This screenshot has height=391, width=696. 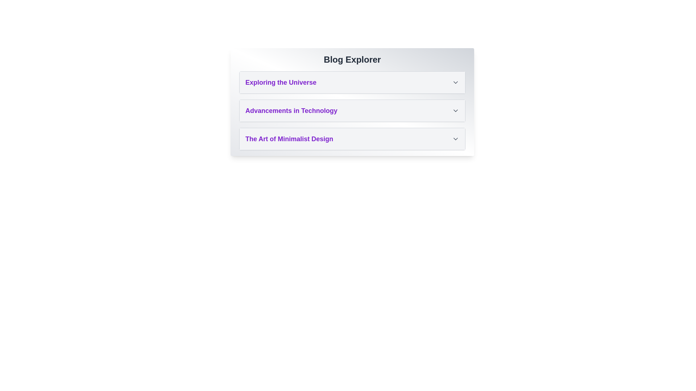 What do you see at coordinates (281, 82) in the screenshot?
I see `on the static text element reading 'Exploring the Universe' in the Blog Explorer menu` at bounding box center [281, 82].